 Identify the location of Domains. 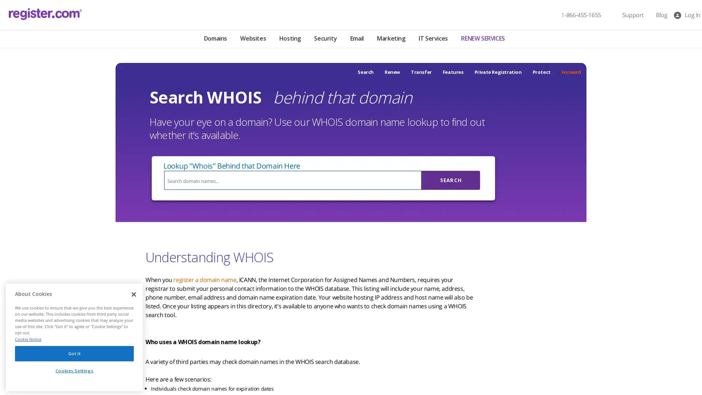
(215, 39).